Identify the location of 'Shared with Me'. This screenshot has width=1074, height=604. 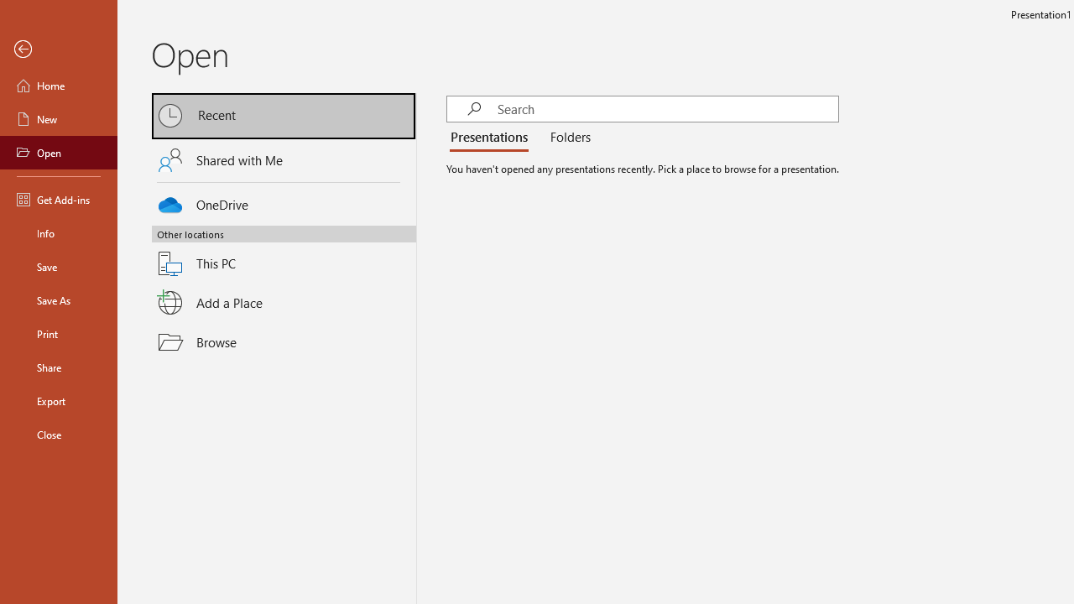
(284, 160).